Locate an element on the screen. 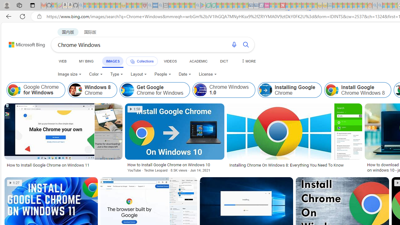  'Chrome Windows 1.0' is located at coordinates (224, 90).